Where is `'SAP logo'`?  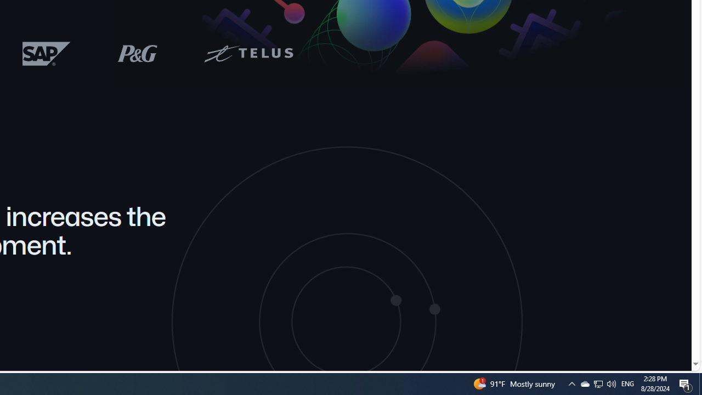 'SAP logo' is located at coordinates (46, 53).